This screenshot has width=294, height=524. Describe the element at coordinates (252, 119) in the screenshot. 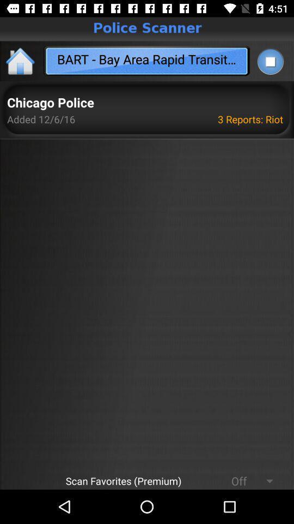

I see `the icon next to the chicago police item` at that location.